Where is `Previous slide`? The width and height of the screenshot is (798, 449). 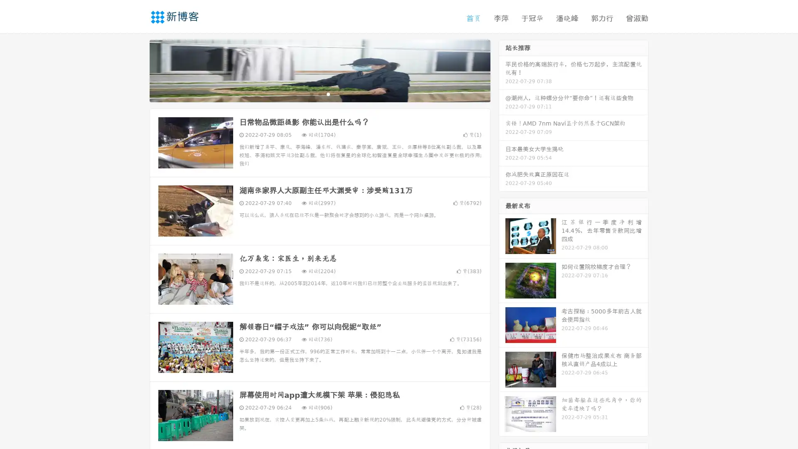
Previous slide is located at coordinates (137, 70).